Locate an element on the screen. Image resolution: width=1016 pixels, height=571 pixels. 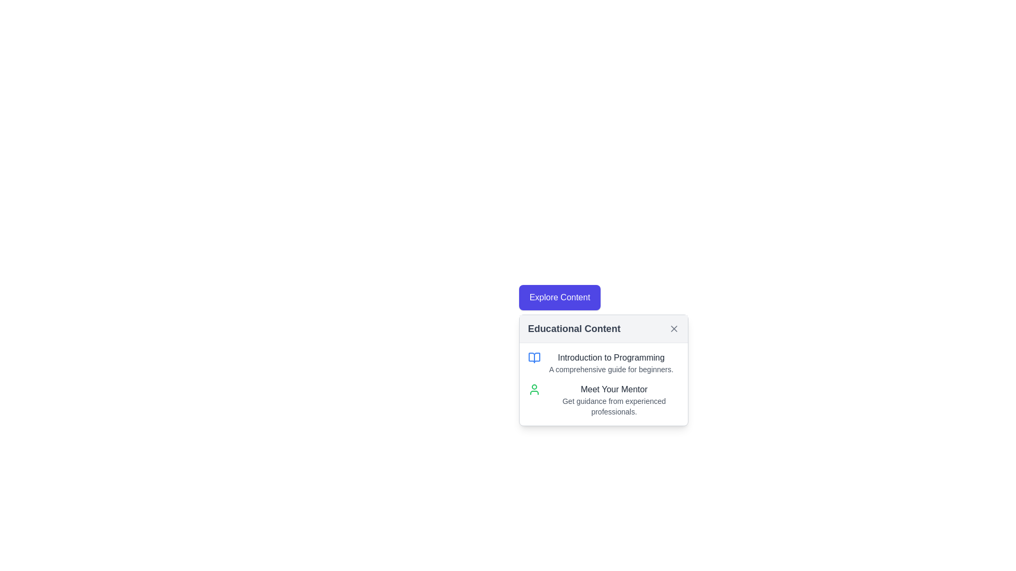
title 'Educational Content' from the Header bar with dismiss button, which is a rectangular gray bar containing the text on the left and a dismiss 'X' icon on the right is located at coordinates (603, 328).